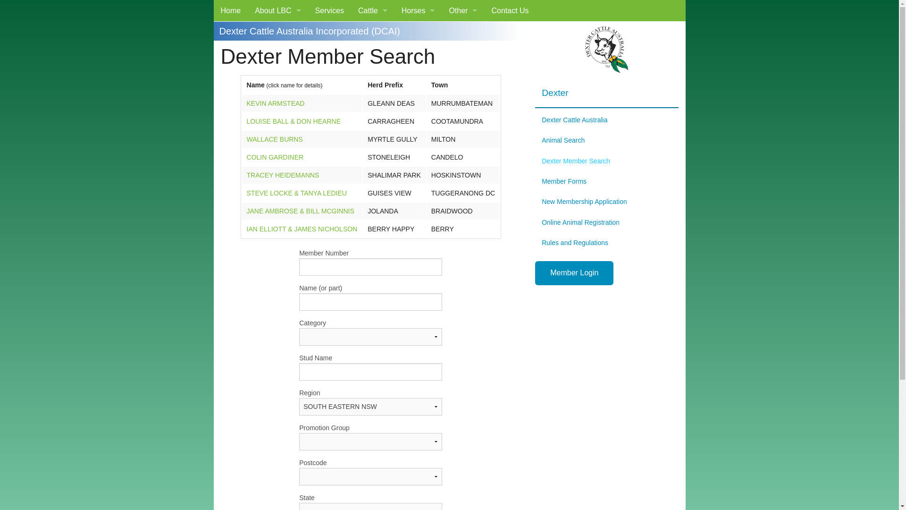 The image size is (906, 510). What do you see at coordinates (275, 103) in the screenshot?
I see `'KEVIN ARMSTEAD'` at bounding box center [275, 103].